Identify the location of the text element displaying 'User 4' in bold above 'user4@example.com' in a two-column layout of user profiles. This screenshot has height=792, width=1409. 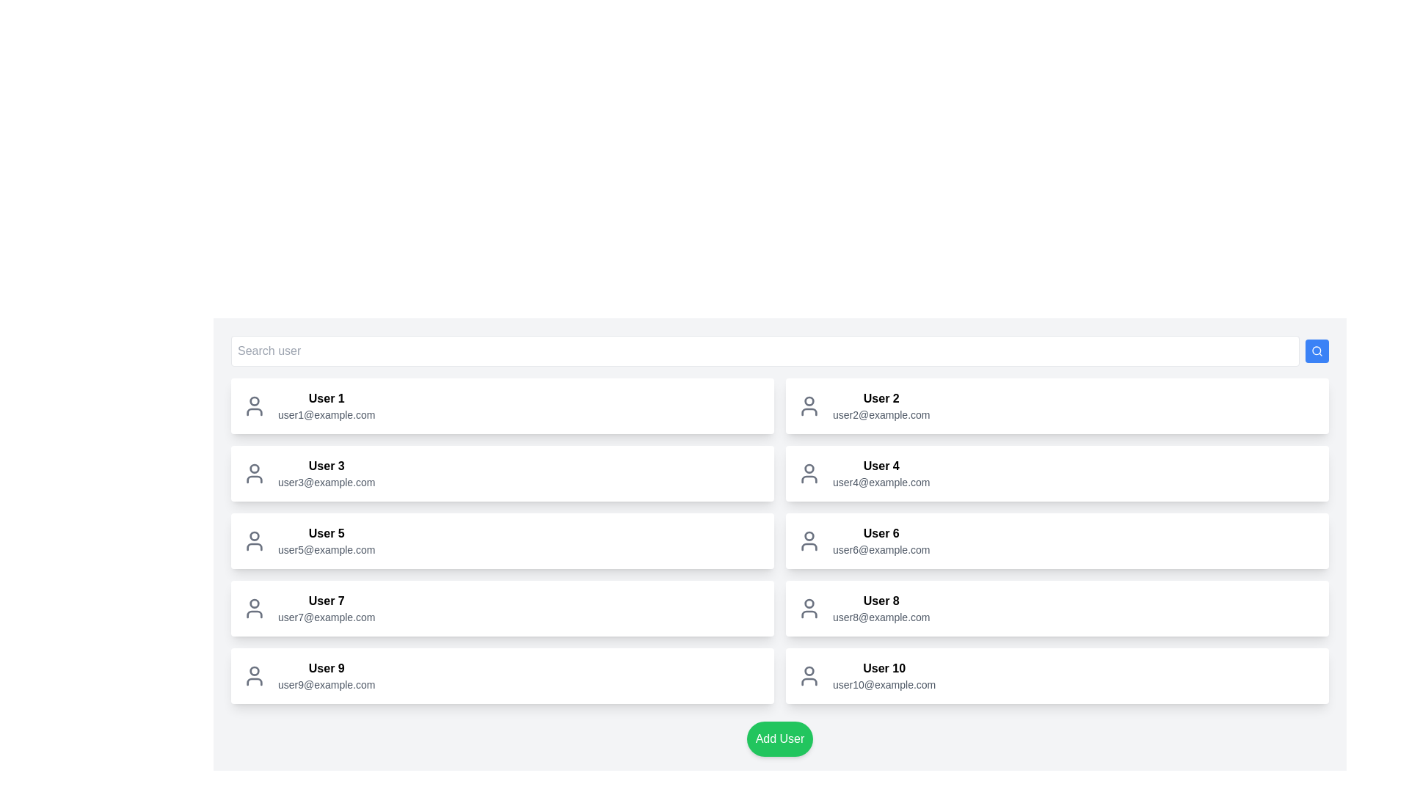
(881, 473).